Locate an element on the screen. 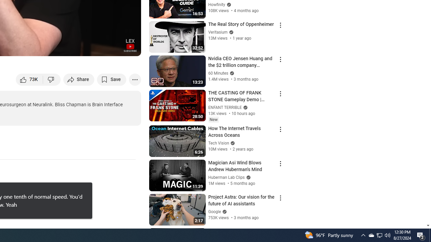 This screenshot has width=431, height=242. 'Action menu' is located at coordinates (280, 232).